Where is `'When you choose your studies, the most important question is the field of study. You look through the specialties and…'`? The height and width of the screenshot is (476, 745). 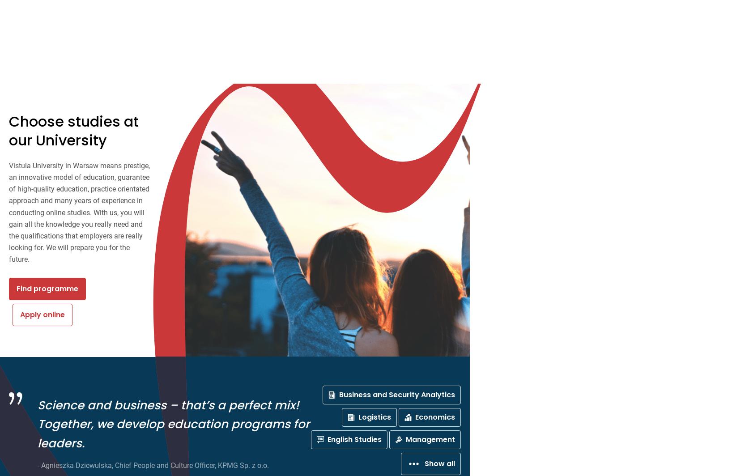 'When you choose your studies, the most important question is the field of study. You look through the specialties and…' is located at coordinates (404, 63).